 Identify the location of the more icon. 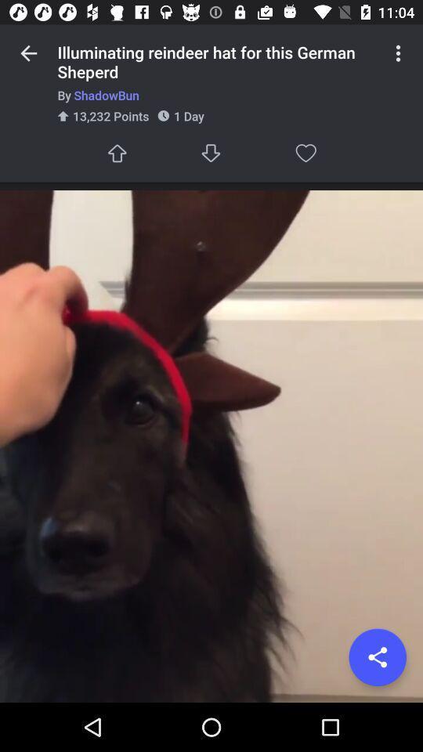
(398, 53).